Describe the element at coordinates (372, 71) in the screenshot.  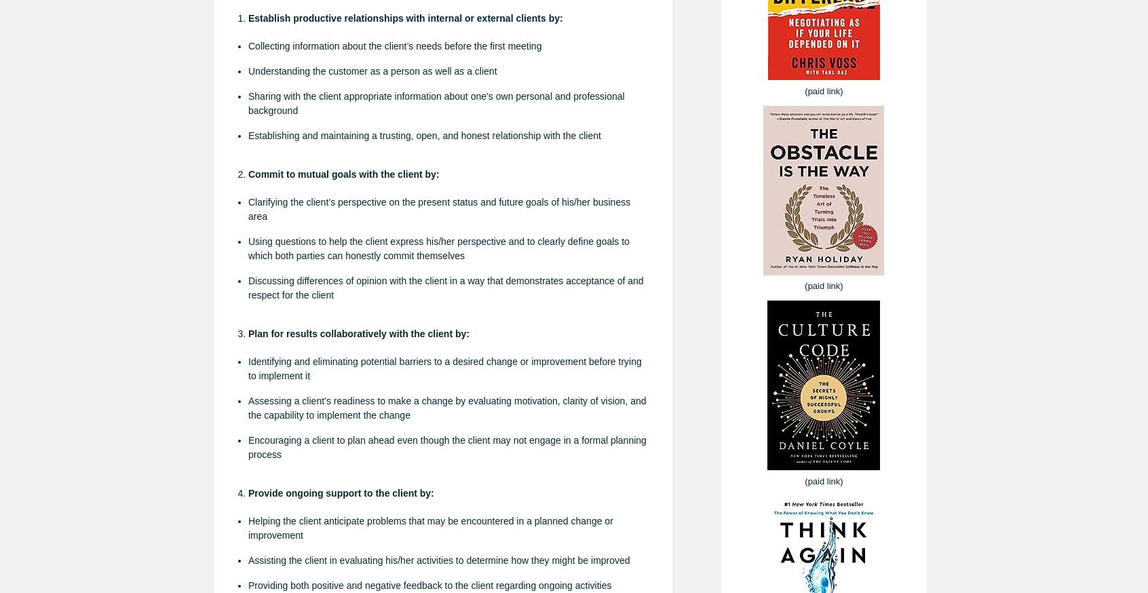
I see `'Understanding the customer as a person as well as a client'` at that location.